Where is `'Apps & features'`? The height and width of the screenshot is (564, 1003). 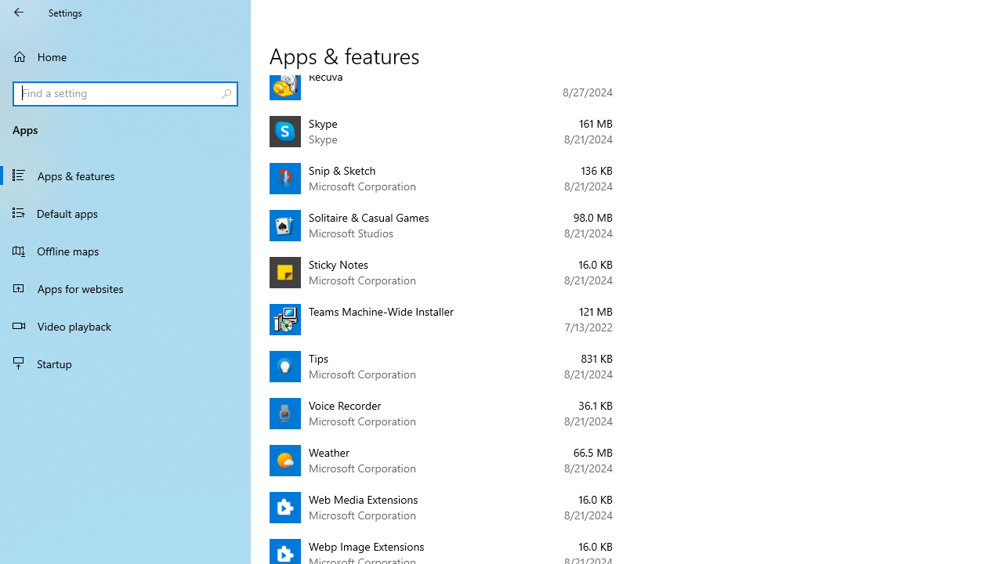
'Apps & features' is located at coordinates (125, 175).